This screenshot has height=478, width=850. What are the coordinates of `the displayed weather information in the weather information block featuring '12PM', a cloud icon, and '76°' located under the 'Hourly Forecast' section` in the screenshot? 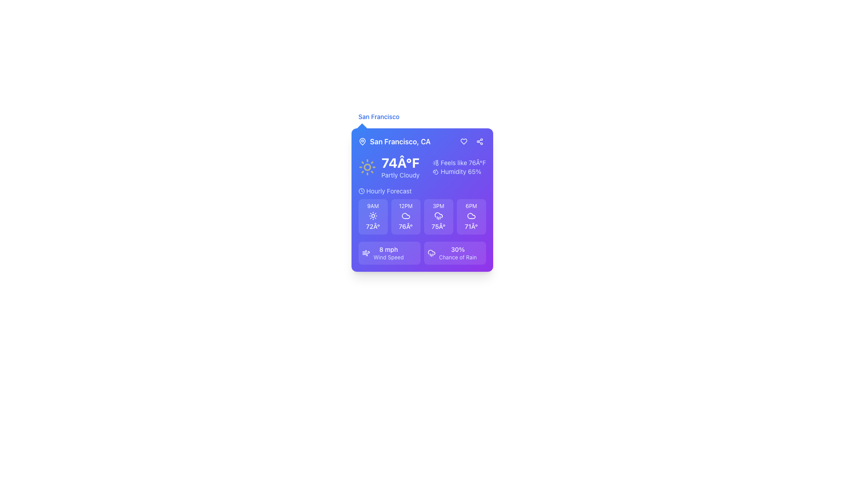 It's located at (405, 216).